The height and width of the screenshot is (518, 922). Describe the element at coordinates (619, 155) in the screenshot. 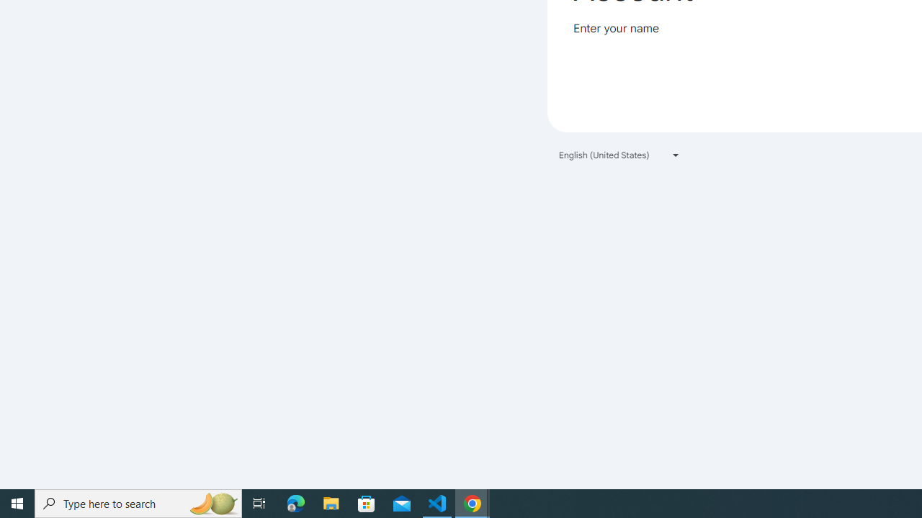

I see `'English (United States)'` at that location.